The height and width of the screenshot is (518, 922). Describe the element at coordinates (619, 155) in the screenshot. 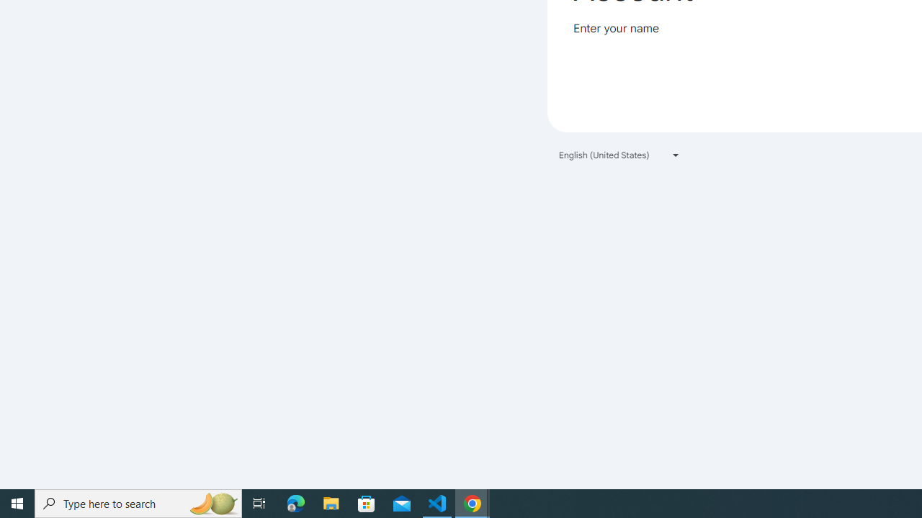

I see `'English (United States)'` at that location.